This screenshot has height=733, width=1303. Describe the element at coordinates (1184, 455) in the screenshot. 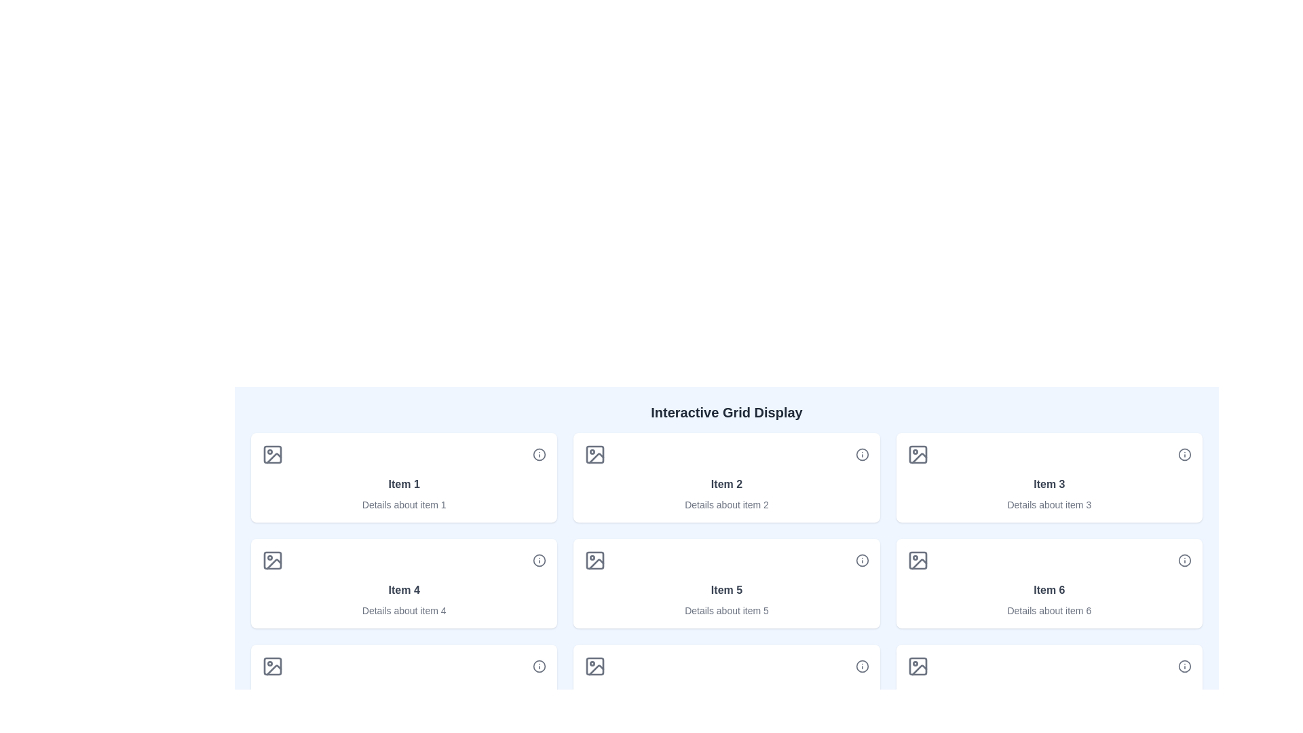

I see `the decorative SVG circle graphic located in the top-right corner of the 'Item 3' box within the 'Interactive Grid Display'` at that location.